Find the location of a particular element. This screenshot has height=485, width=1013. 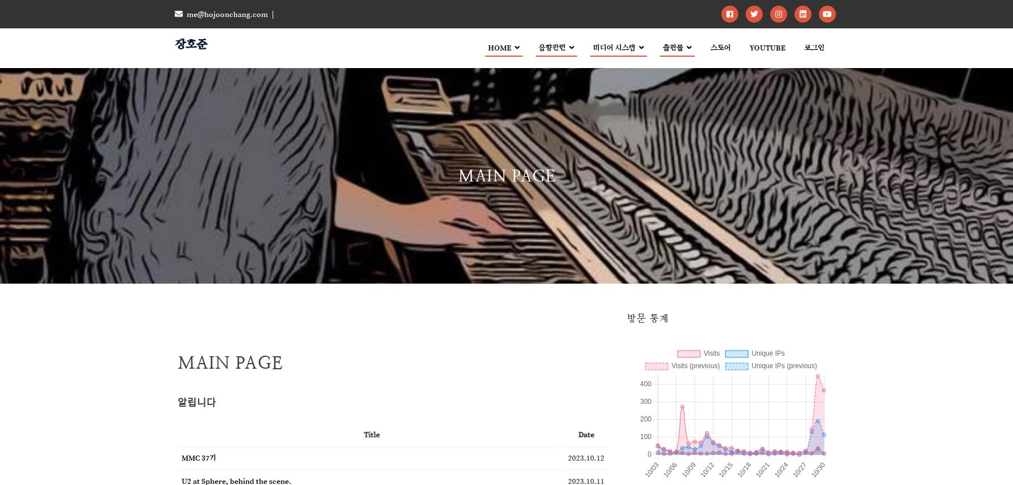

'Date' is located at coordinates (586, 433).